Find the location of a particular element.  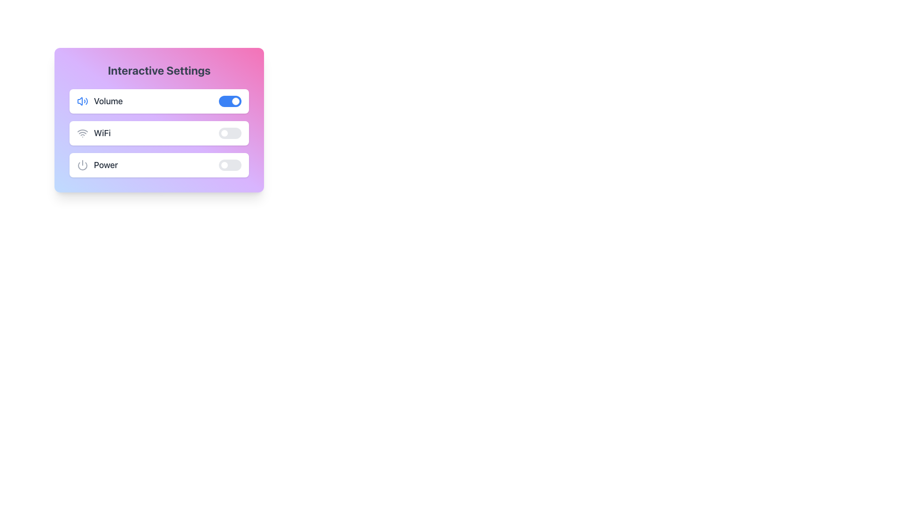

the toggle switch located at the far right end of the 'Power' row in the 'Interactive Settings' section is located at coordinates (230, 164).